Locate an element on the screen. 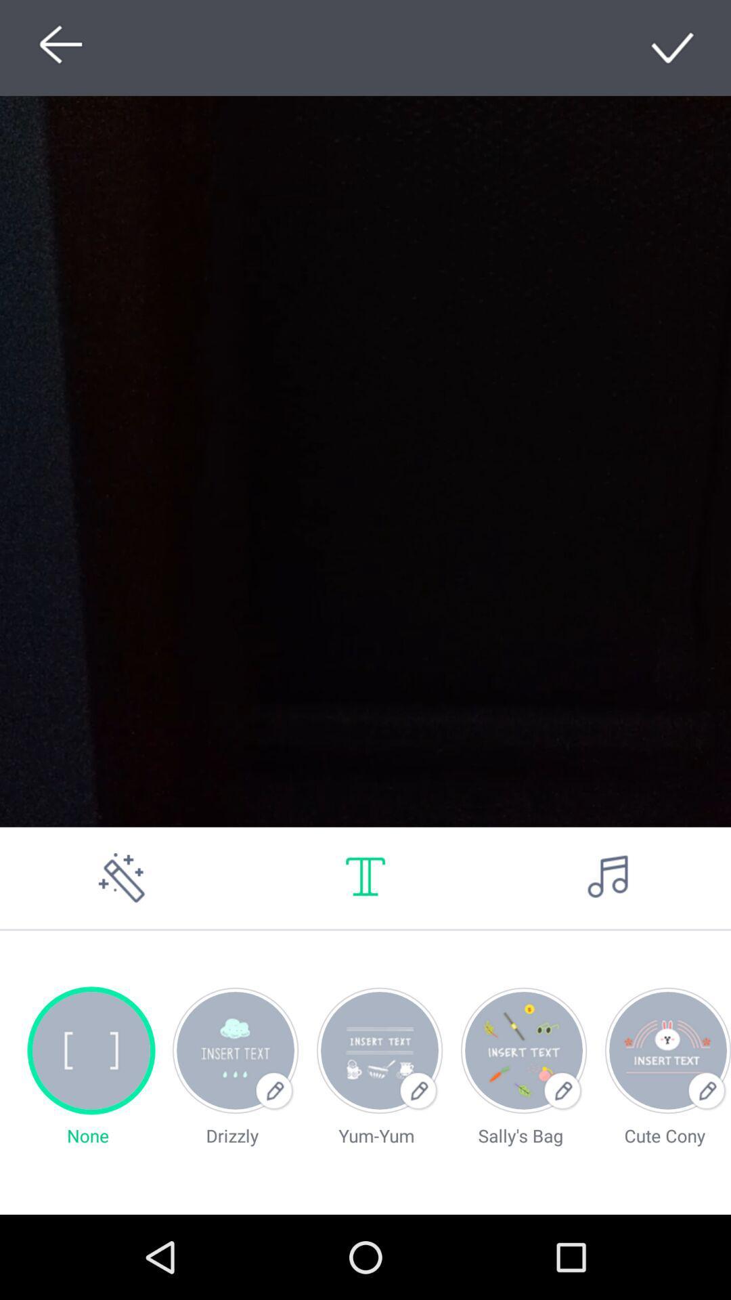  music options is located at coordinates (608, 877).